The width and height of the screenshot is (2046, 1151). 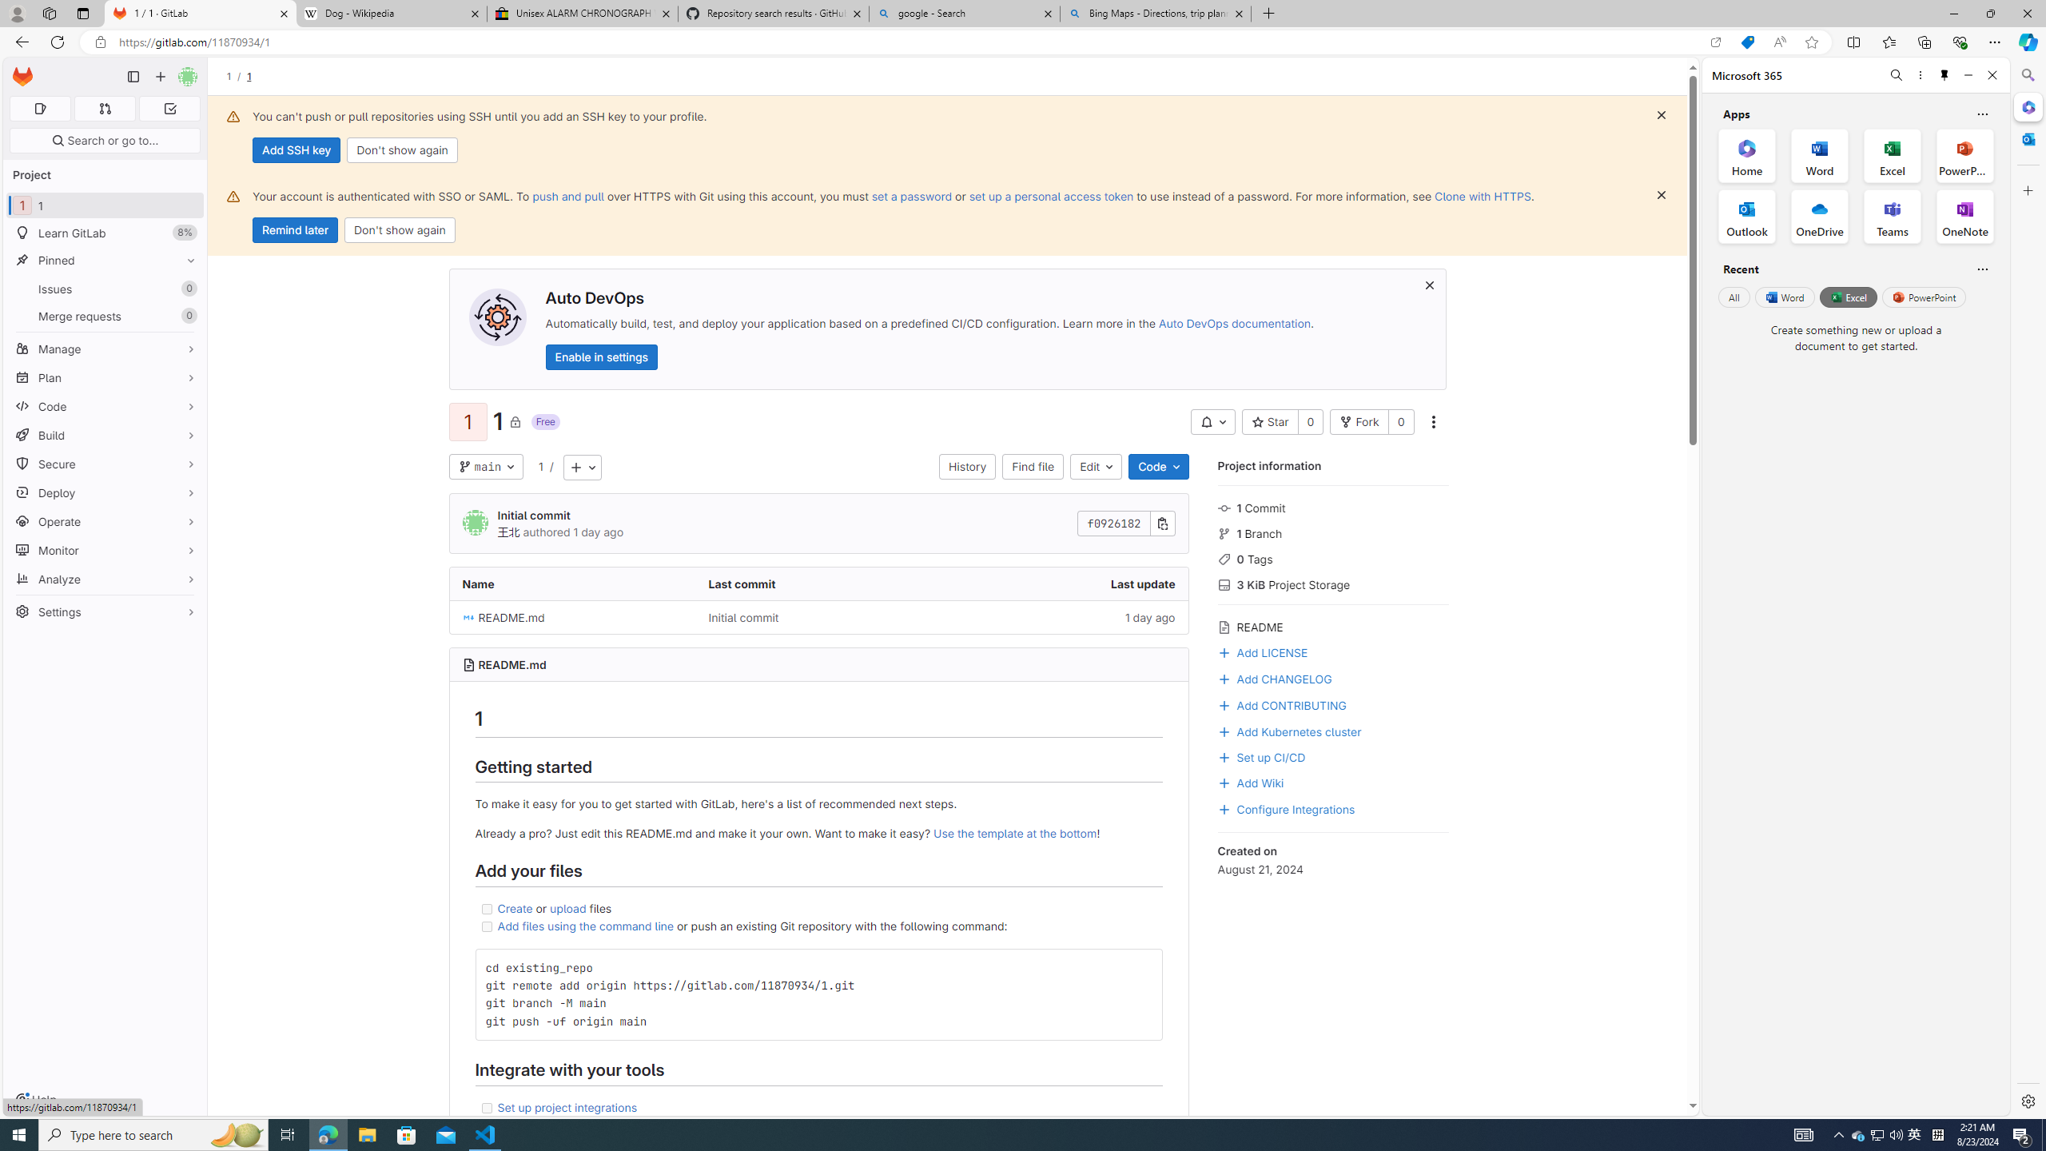 I want to click on 'Monitor', so click(x=104, y=551).